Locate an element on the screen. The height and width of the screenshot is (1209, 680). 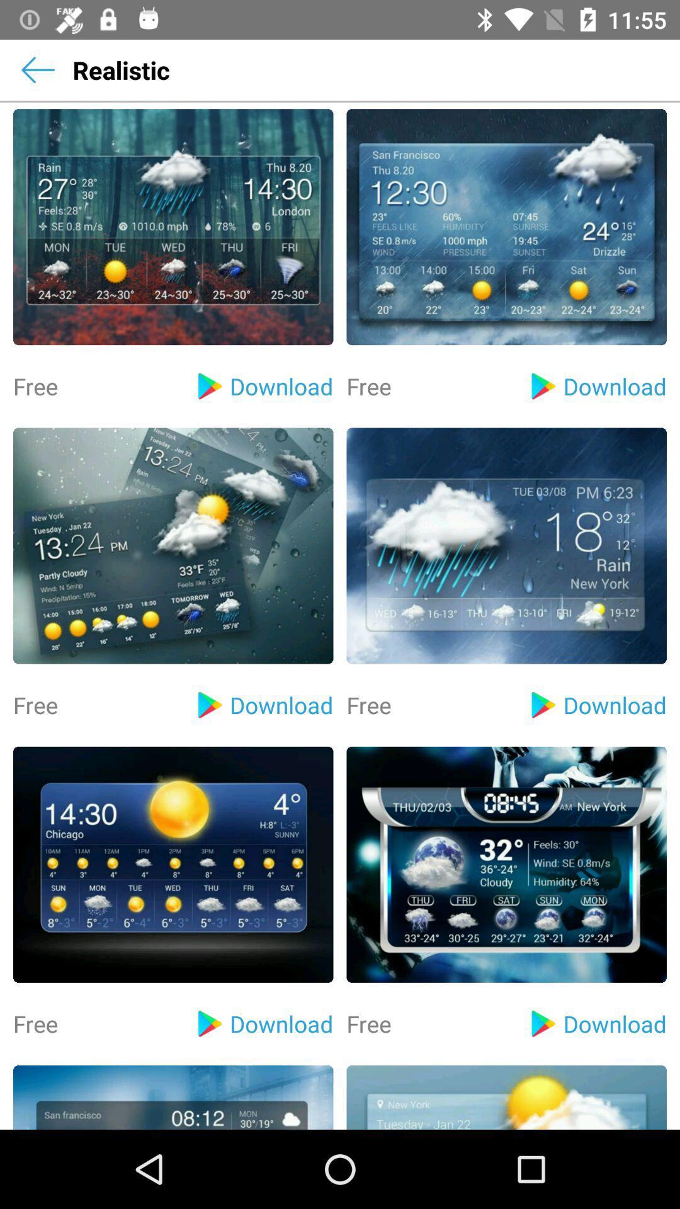
the arrow_backward icon is located at coordinates (37, 69).